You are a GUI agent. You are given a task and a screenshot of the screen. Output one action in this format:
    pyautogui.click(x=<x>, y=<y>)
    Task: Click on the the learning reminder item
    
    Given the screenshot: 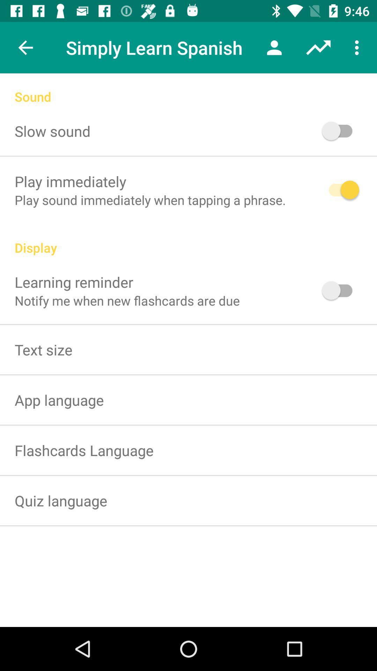 What is the action you would take?
    pyautogui.click(x=74, y=282)
    